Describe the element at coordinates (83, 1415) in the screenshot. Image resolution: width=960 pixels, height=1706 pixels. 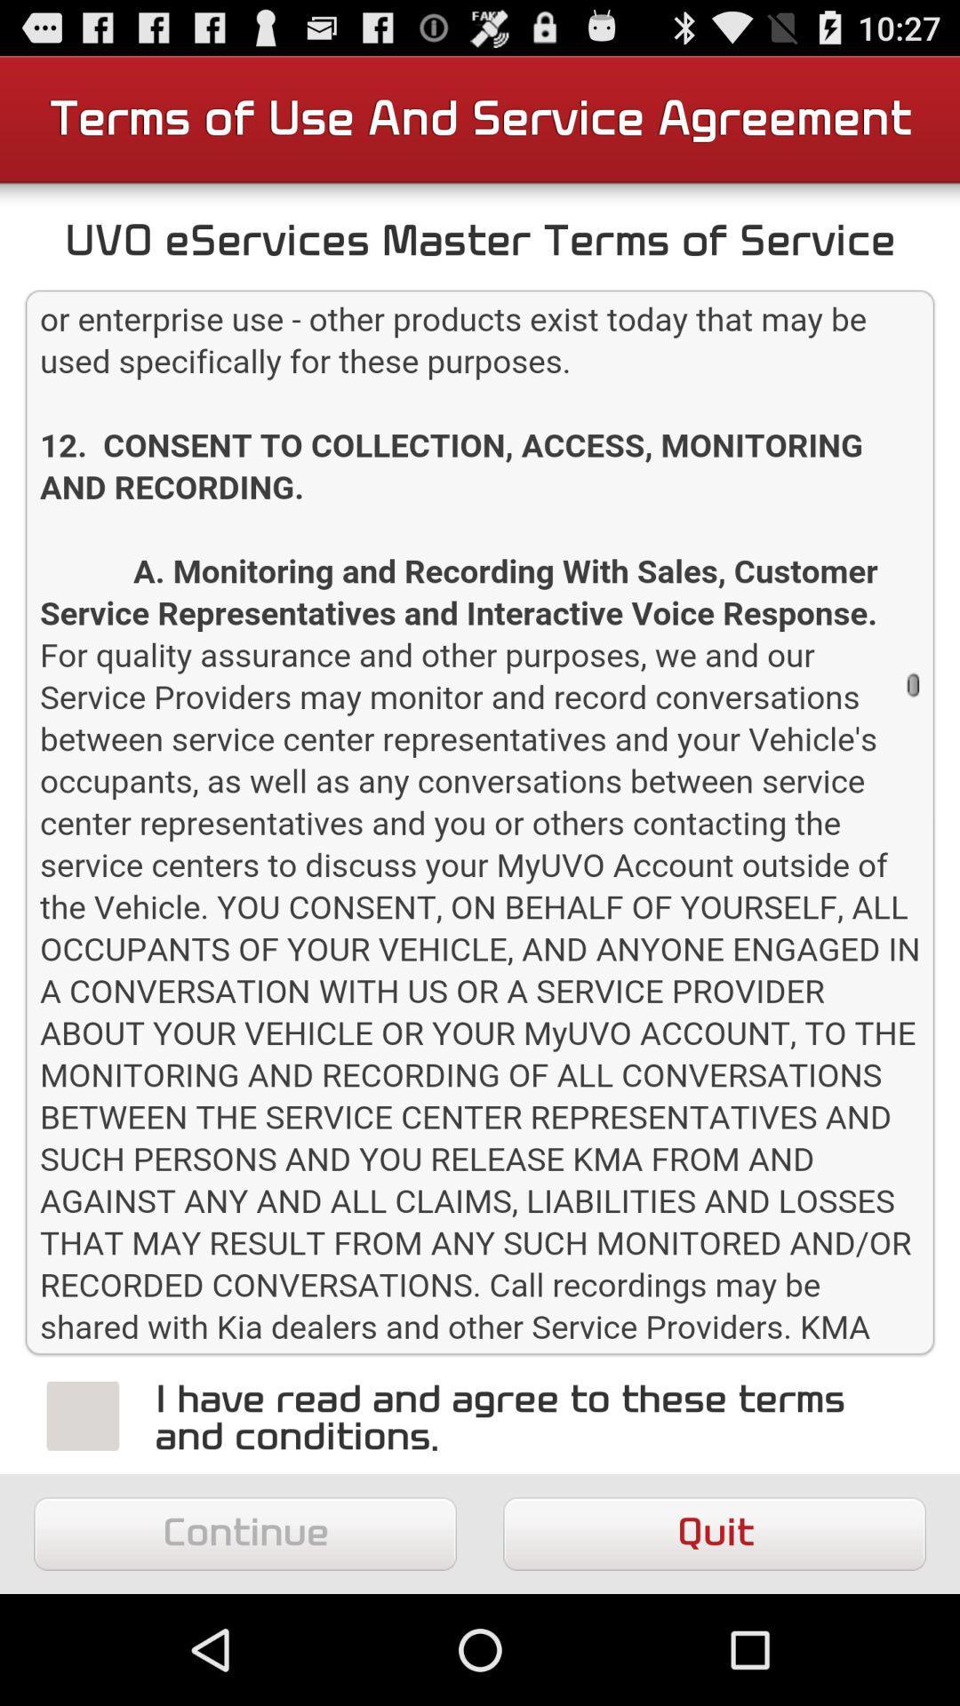
I see `stop button` at that location.